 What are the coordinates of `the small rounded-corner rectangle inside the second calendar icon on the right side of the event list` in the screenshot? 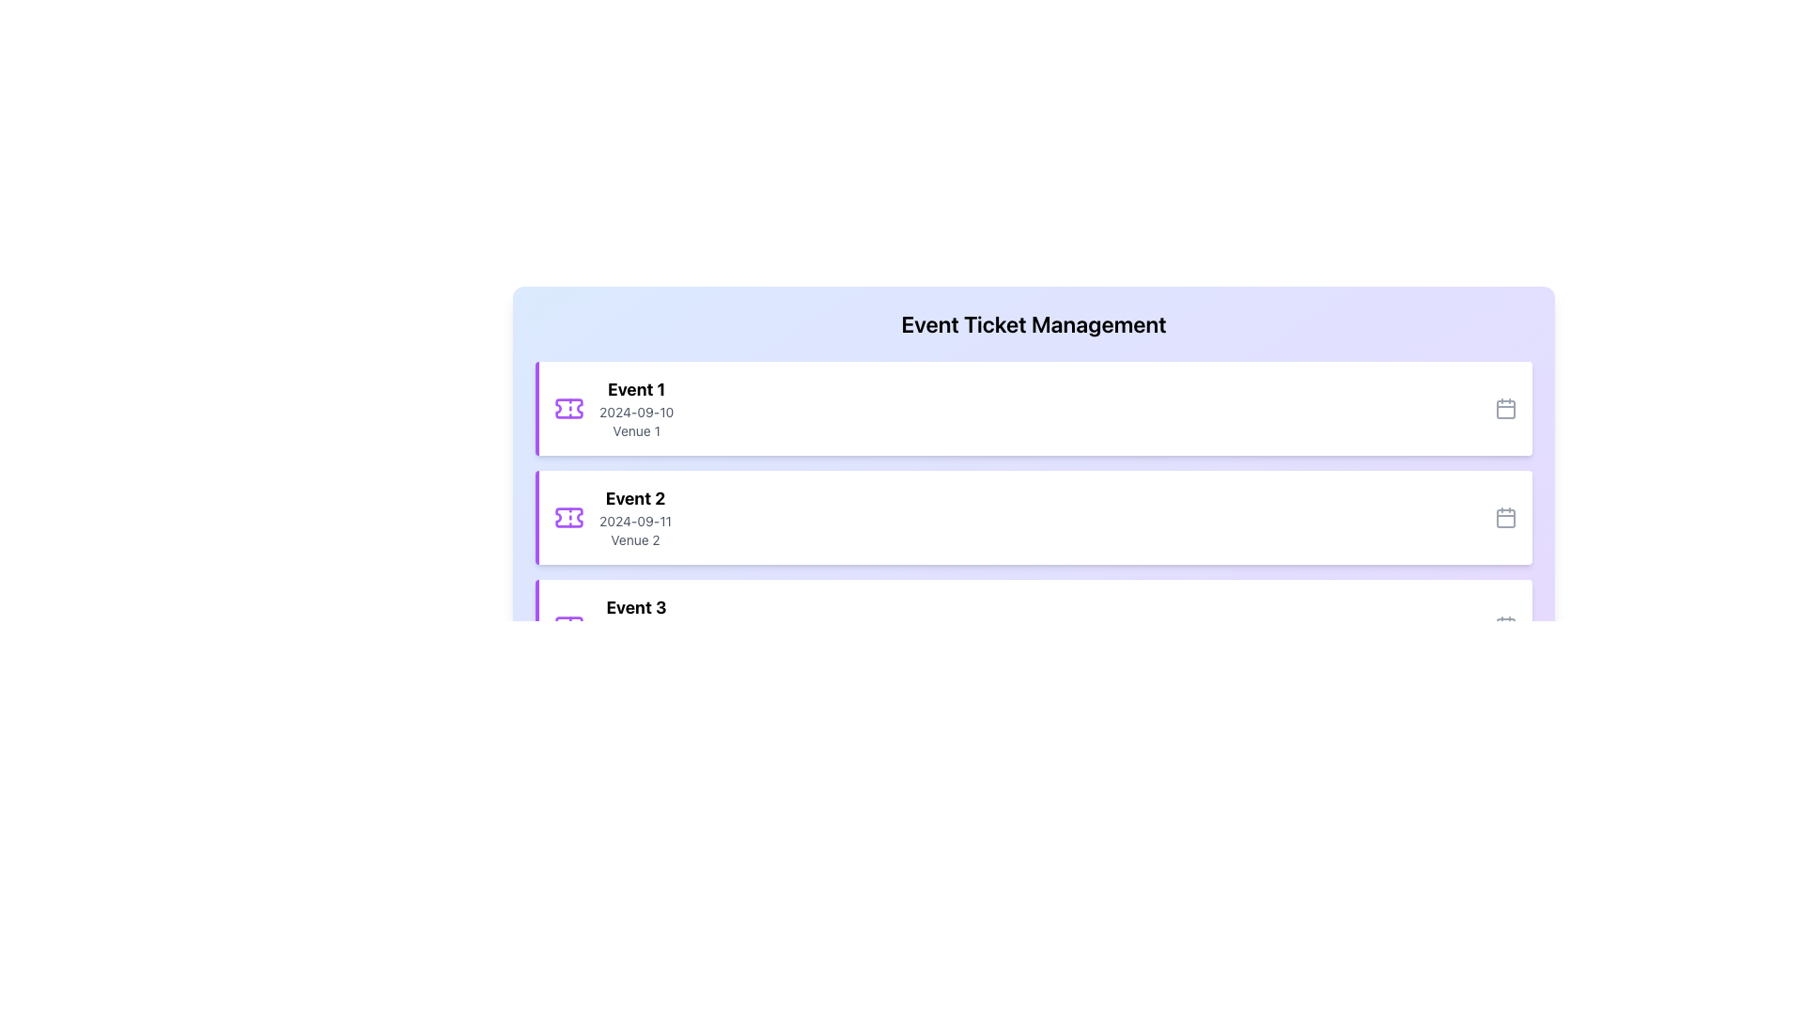 It's located at (1506, 518).